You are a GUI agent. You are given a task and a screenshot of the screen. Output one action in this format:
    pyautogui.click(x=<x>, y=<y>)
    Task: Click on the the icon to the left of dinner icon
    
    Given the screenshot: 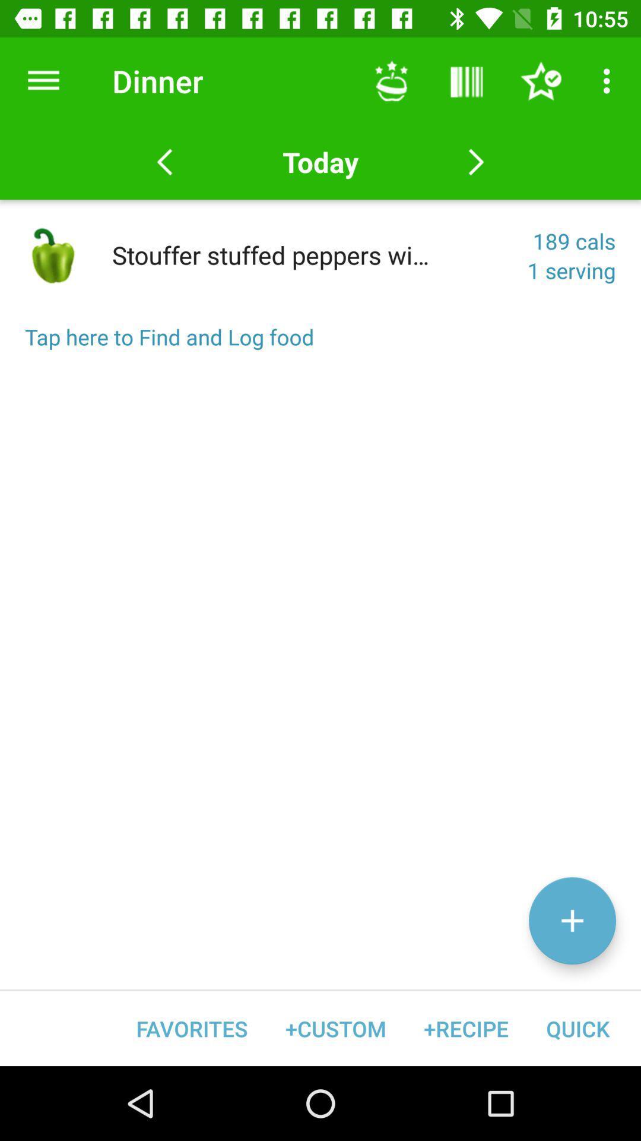 What is the action you would take?
    pyautogui.click(x=43, y=80)
    